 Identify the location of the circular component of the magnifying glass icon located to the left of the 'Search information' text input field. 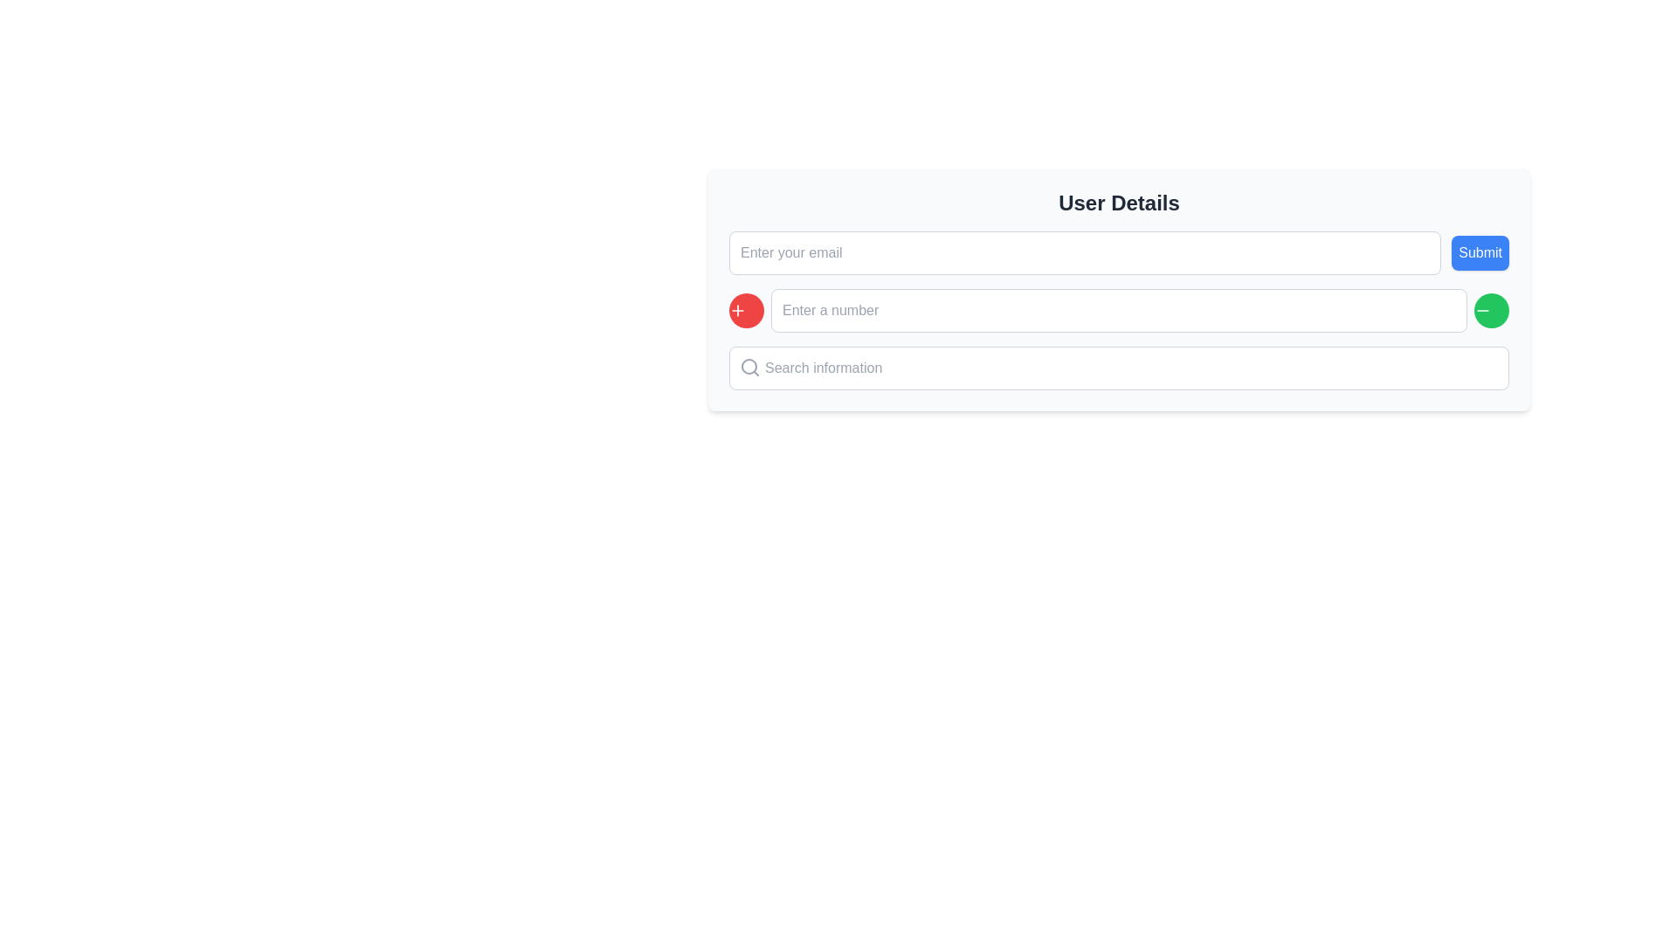
(749, 366).